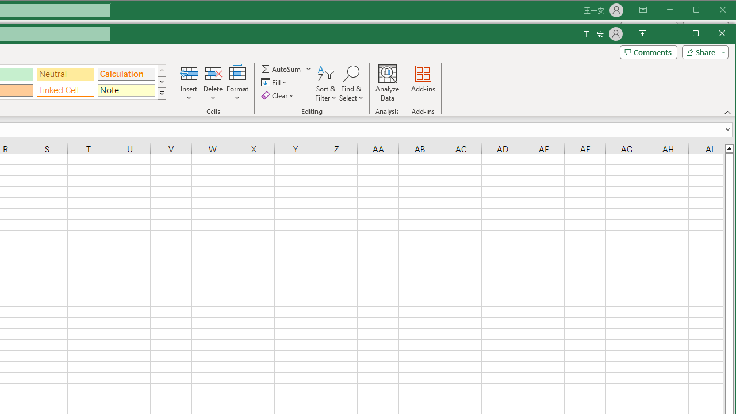  What do you see at coordinates (64, 74) in the screenshot?
I see `'Neutral'` at bounding box center [64, 74].